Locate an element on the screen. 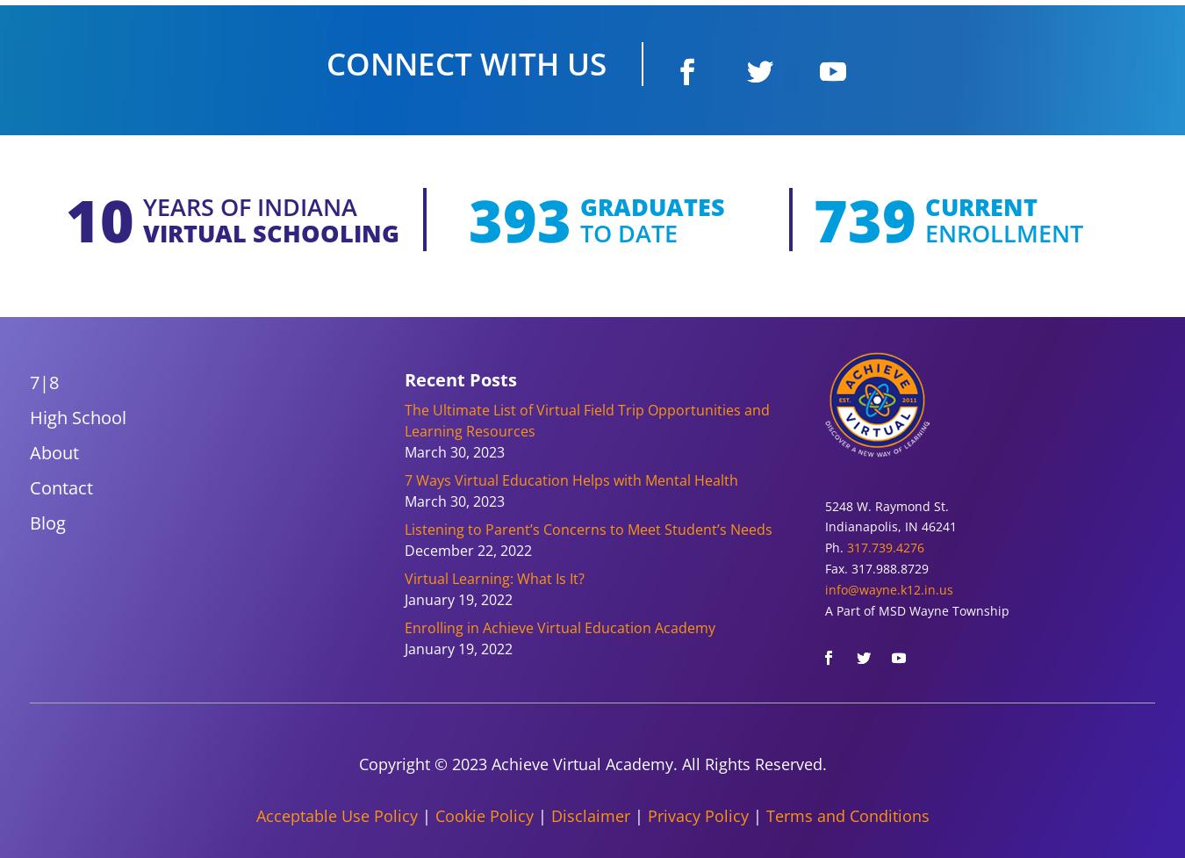 The image size is (1185, 858). 'High School' is located at coordinates (27, 416).